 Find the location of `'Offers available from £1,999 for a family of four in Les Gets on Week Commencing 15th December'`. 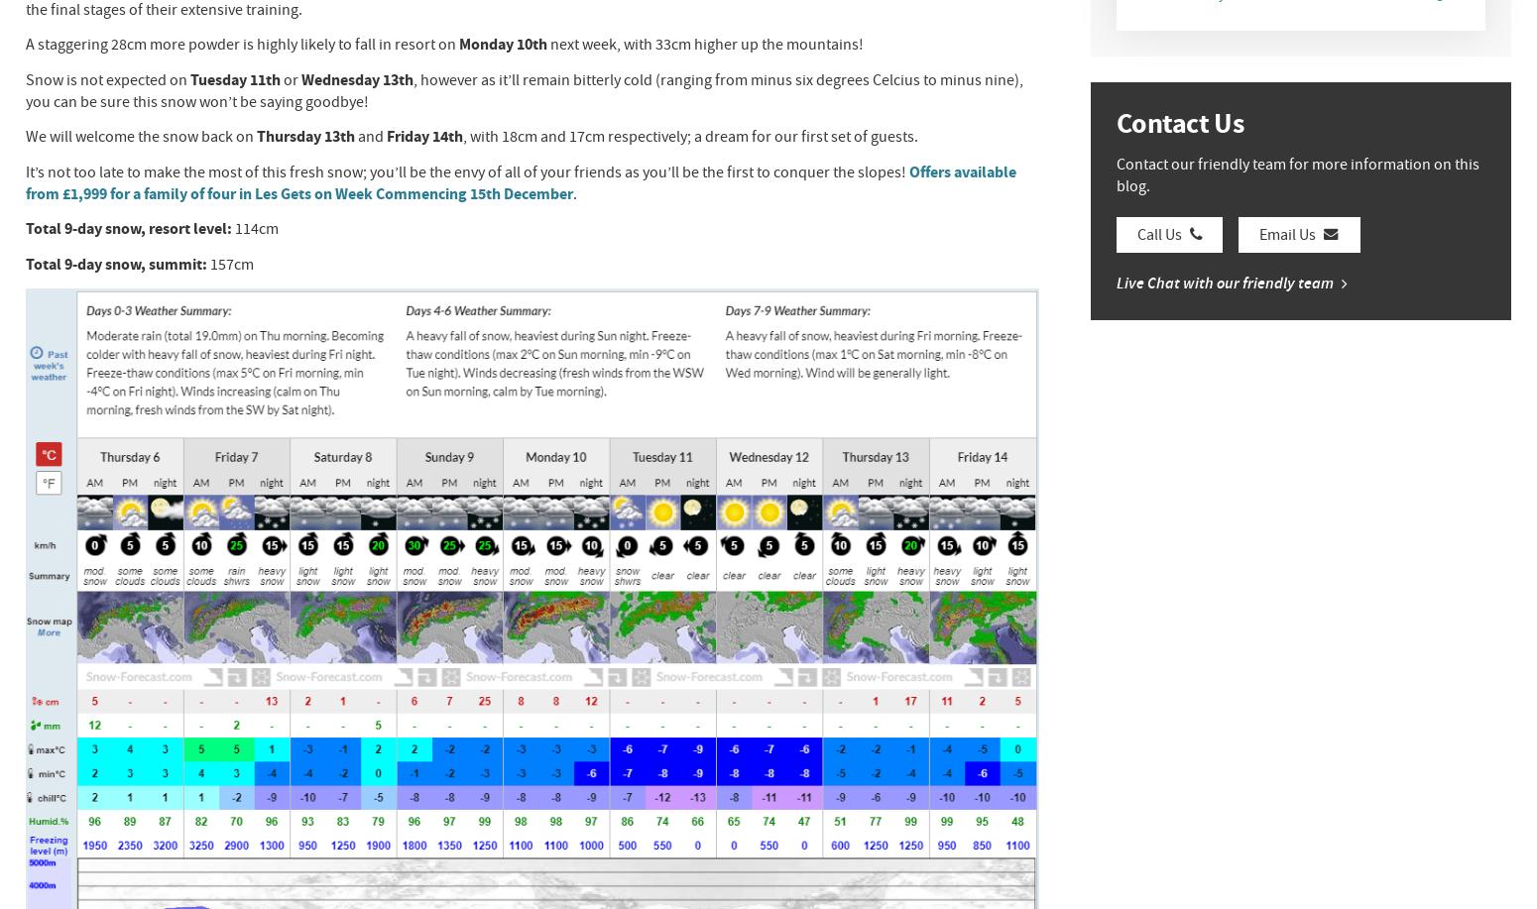

'Offers available from £1,999 for a family of four in Les Gets on Week Commencing 15th December' is located at coordinates (519, 182).